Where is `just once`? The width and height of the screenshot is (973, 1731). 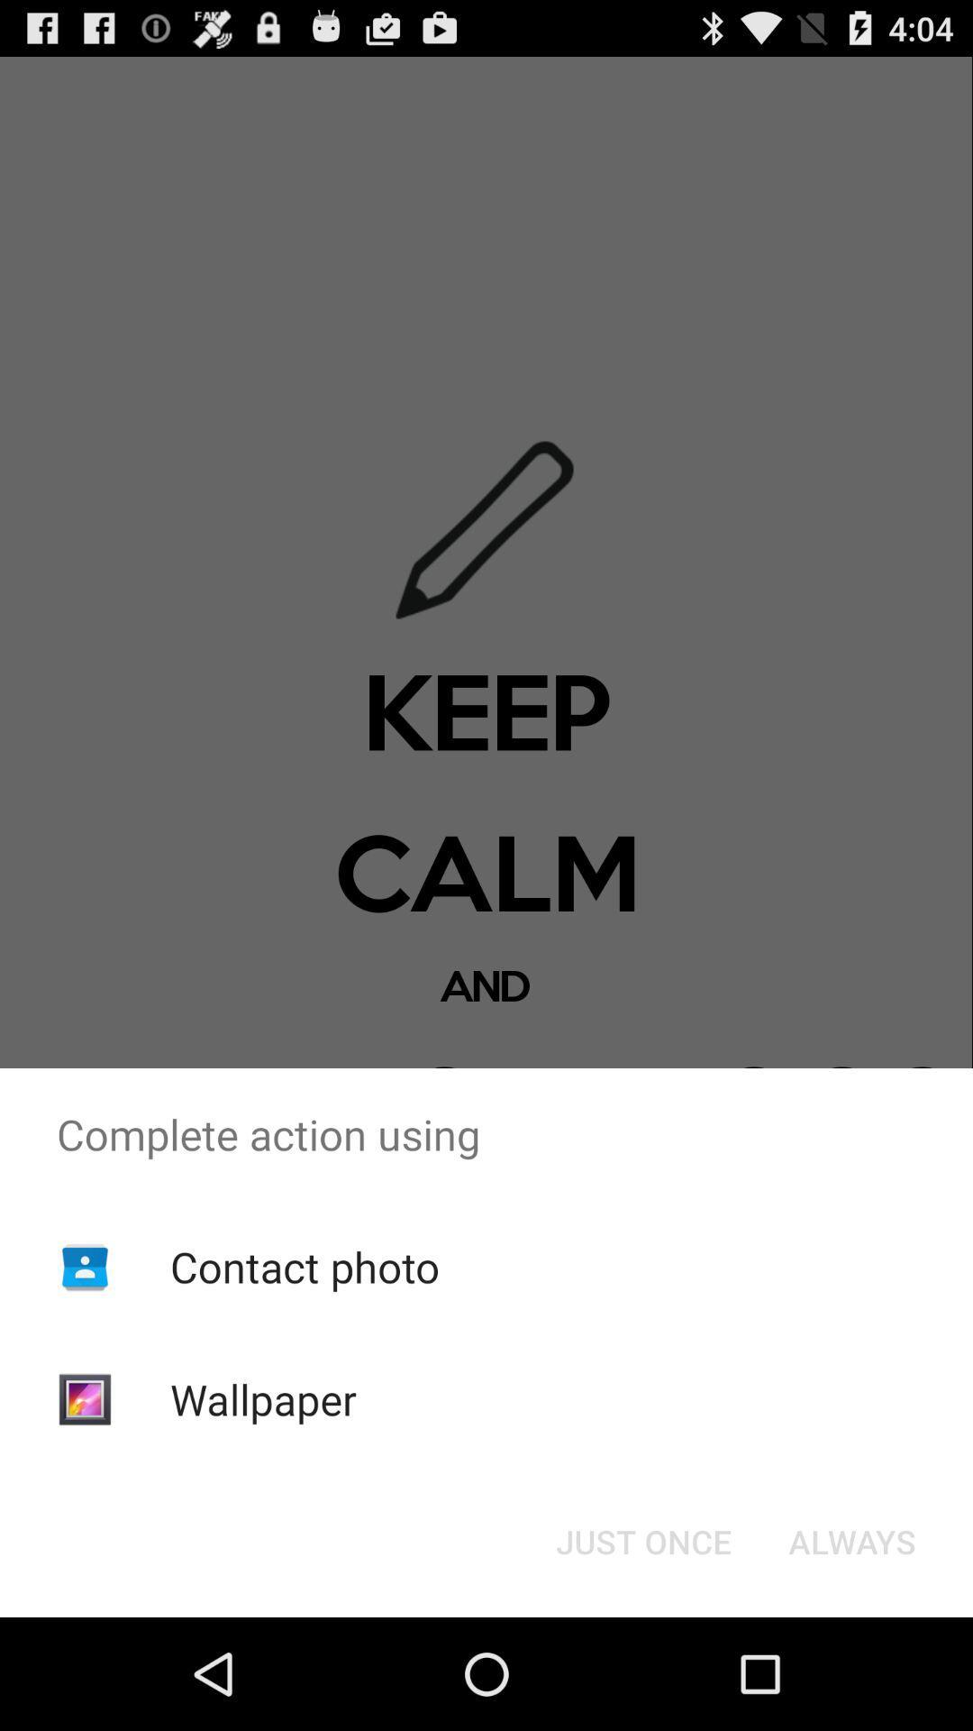 just once is located at coordinates (642, 1540).